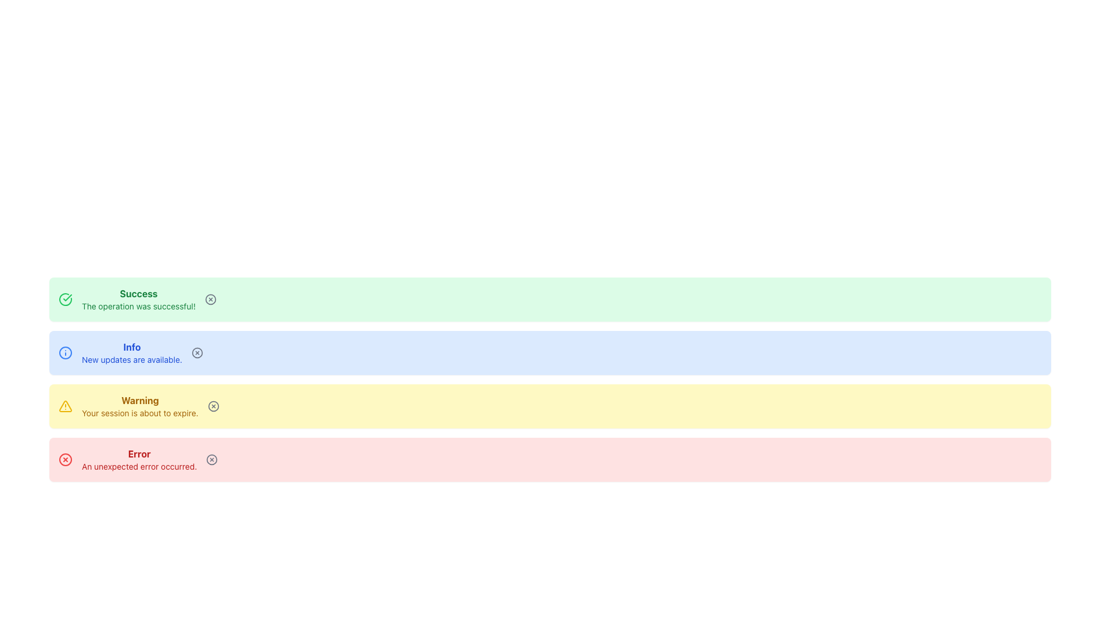  I want to click on the static text in the blue notification box that informs the user about the availability of new updates, which is located directly below the word 'Info.', so click(132, 359).